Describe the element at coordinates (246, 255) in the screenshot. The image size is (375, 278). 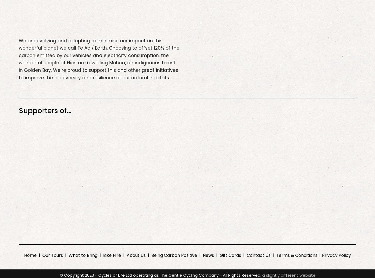
I see `'Contact Us'` at that location.